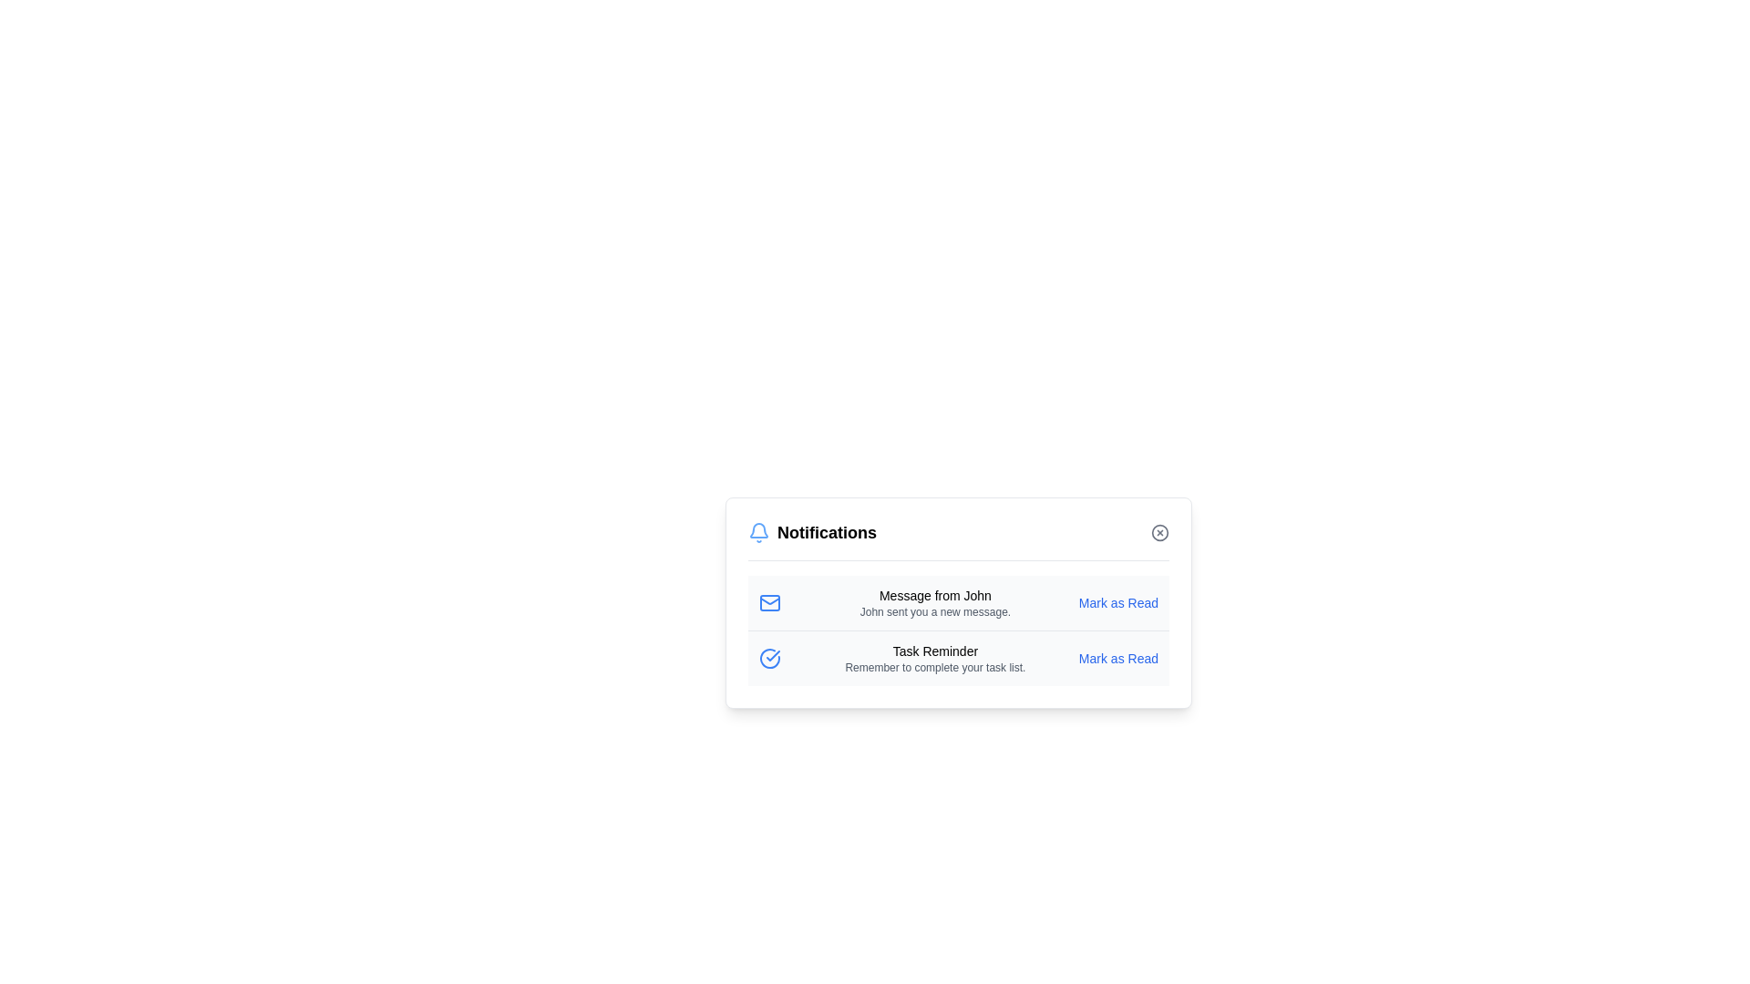 This screenshot has height=984, width=1750. I want to click on the title text label that indicates a message from the user named John in the notification panel, so click(935, 596).